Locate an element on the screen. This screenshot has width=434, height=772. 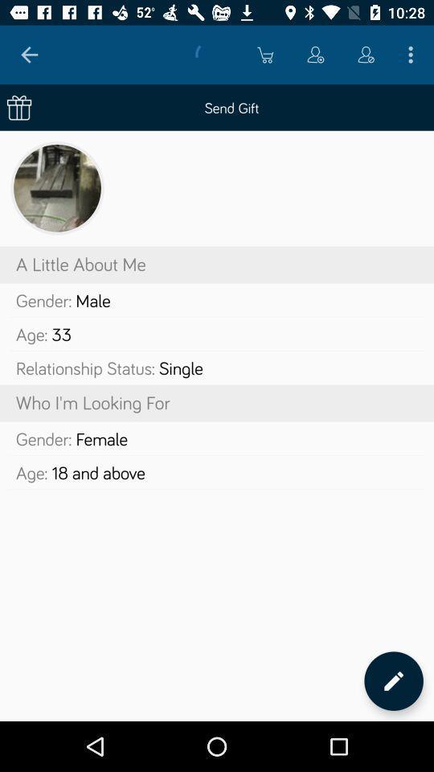
icon above send gift icon is located at coordinates (412, 55).